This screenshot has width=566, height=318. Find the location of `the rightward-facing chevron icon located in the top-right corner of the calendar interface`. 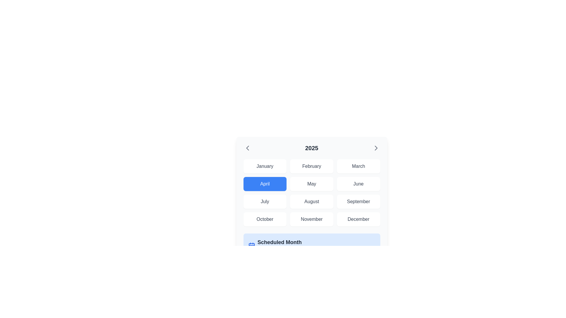

the rightward-facing chevron icon located in the top-right corner of the calendar interface is located at coordinates (376, 148).